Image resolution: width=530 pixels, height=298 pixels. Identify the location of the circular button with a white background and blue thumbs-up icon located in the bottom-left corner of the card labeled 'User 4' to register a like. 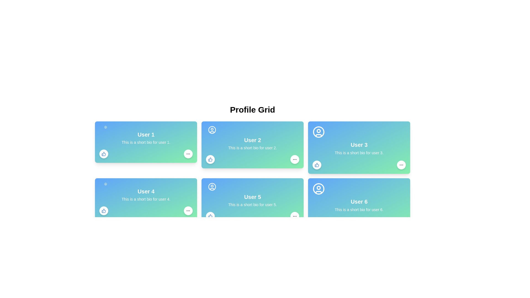
(104, 211).